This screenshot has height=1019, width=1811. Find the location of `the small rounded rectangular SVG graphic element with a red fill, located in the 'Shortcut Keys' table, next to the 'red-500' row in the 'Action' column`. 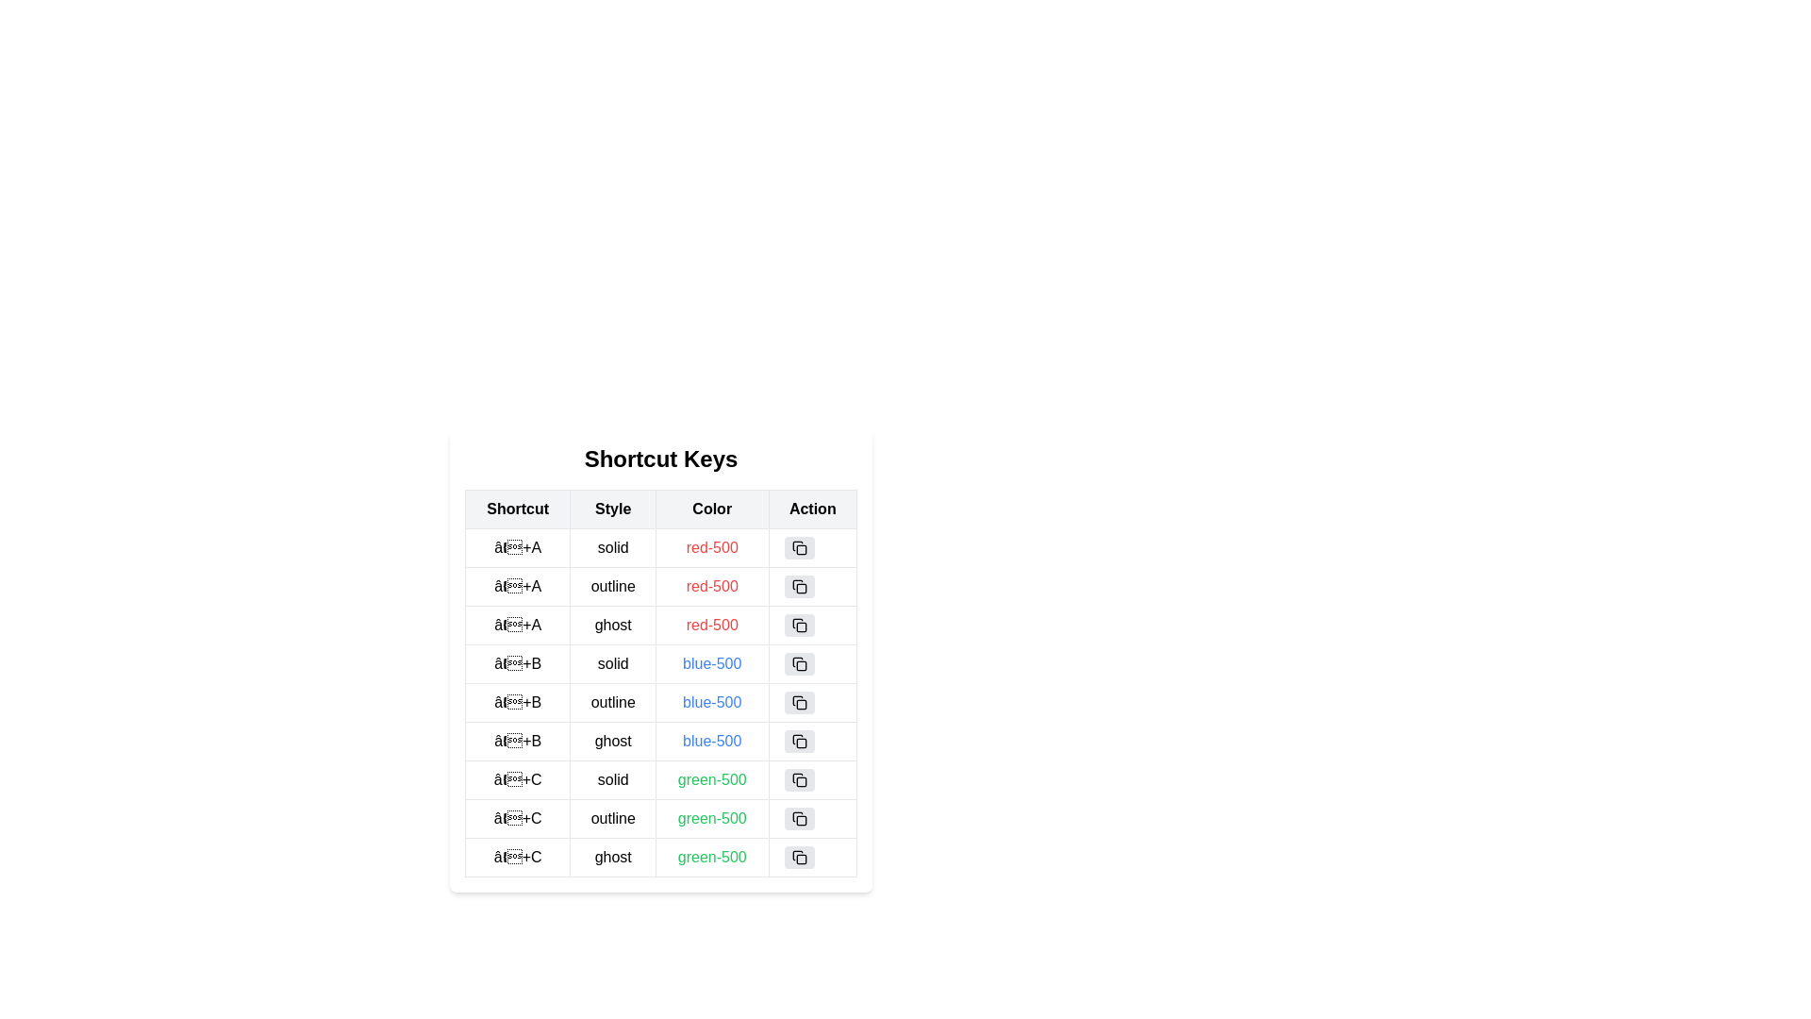

the small rounded rectangular SVG graphic element with a red fill, located in the 'Shortcut Keys' table, next to the 'red-500' row in the 'Action' column is located at coordinates (801, 626).